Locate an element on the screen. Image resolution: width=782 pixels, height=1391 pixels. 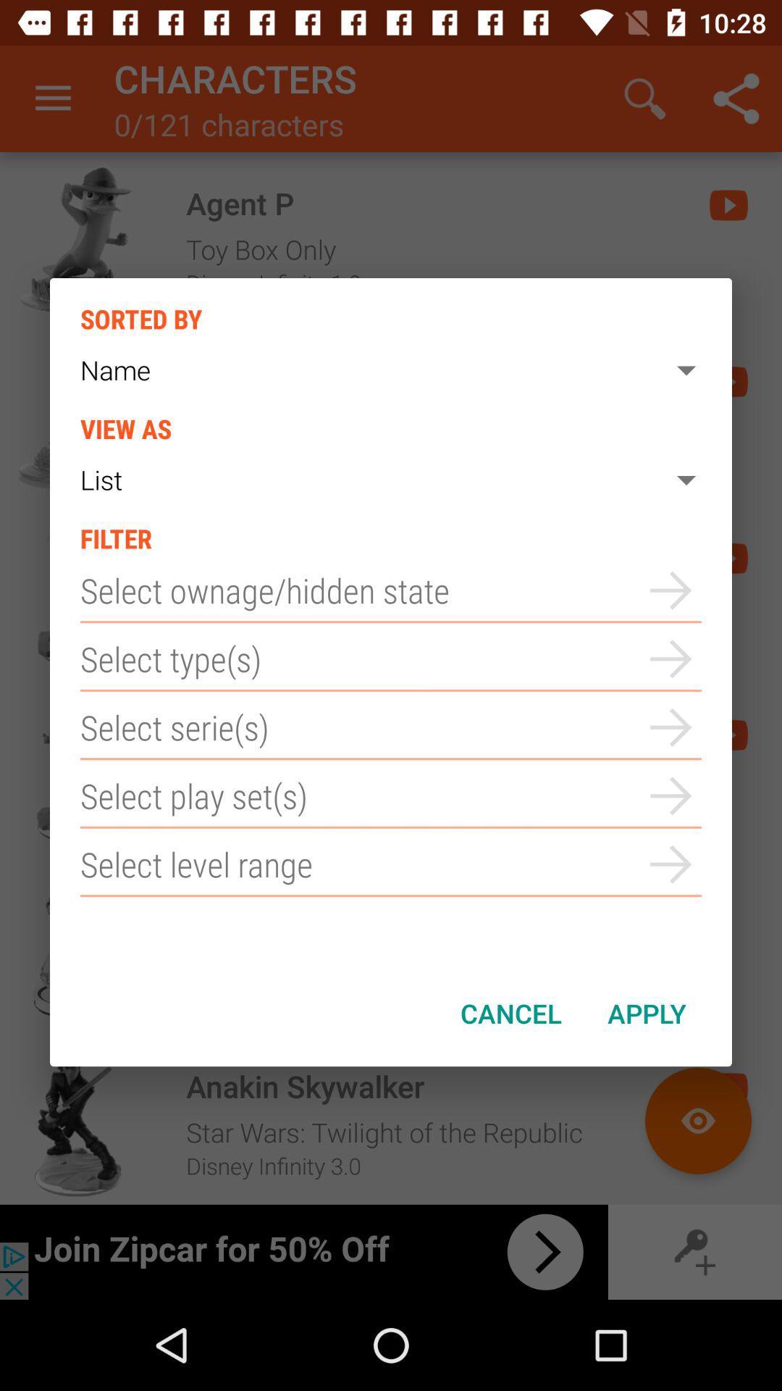
play set is located at coordinates (391, 795).